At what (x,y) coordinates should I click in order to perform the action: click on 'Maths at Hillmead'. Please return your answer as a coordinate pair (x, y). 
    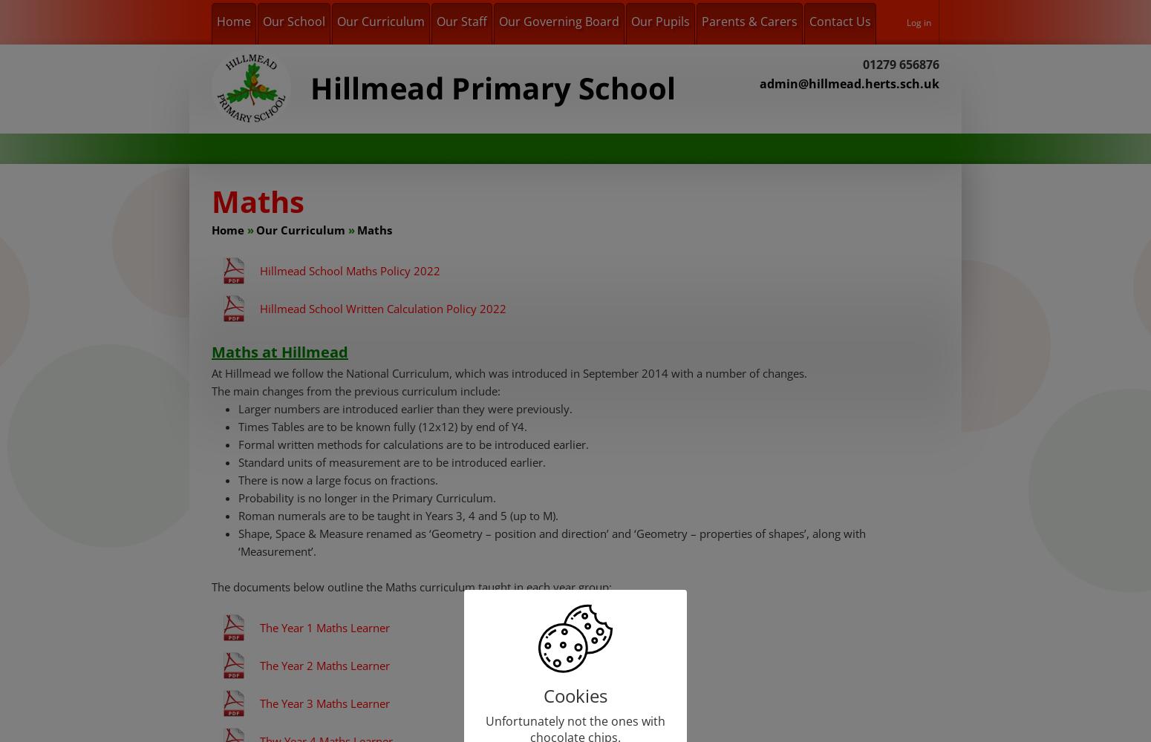
    Looking at the image, I should click on (278, 351).